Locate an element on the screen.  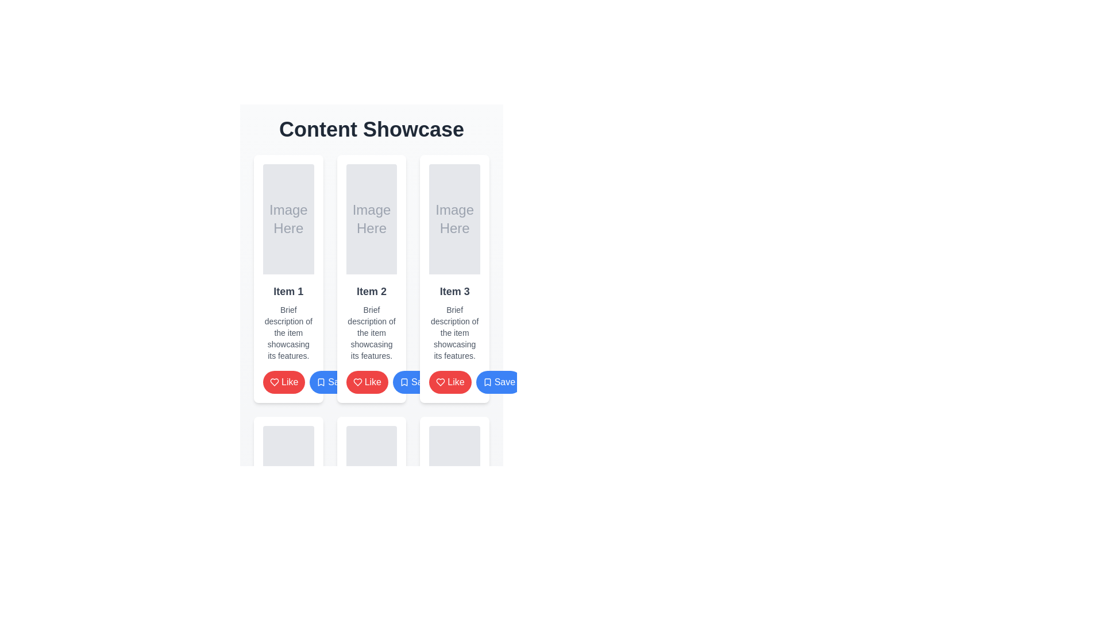
the blue bookmark icon next to the 'Save' label in the button located at the bottom-right of the card labeled 'Item 2' in the second column is located at coordinates (321, 382).